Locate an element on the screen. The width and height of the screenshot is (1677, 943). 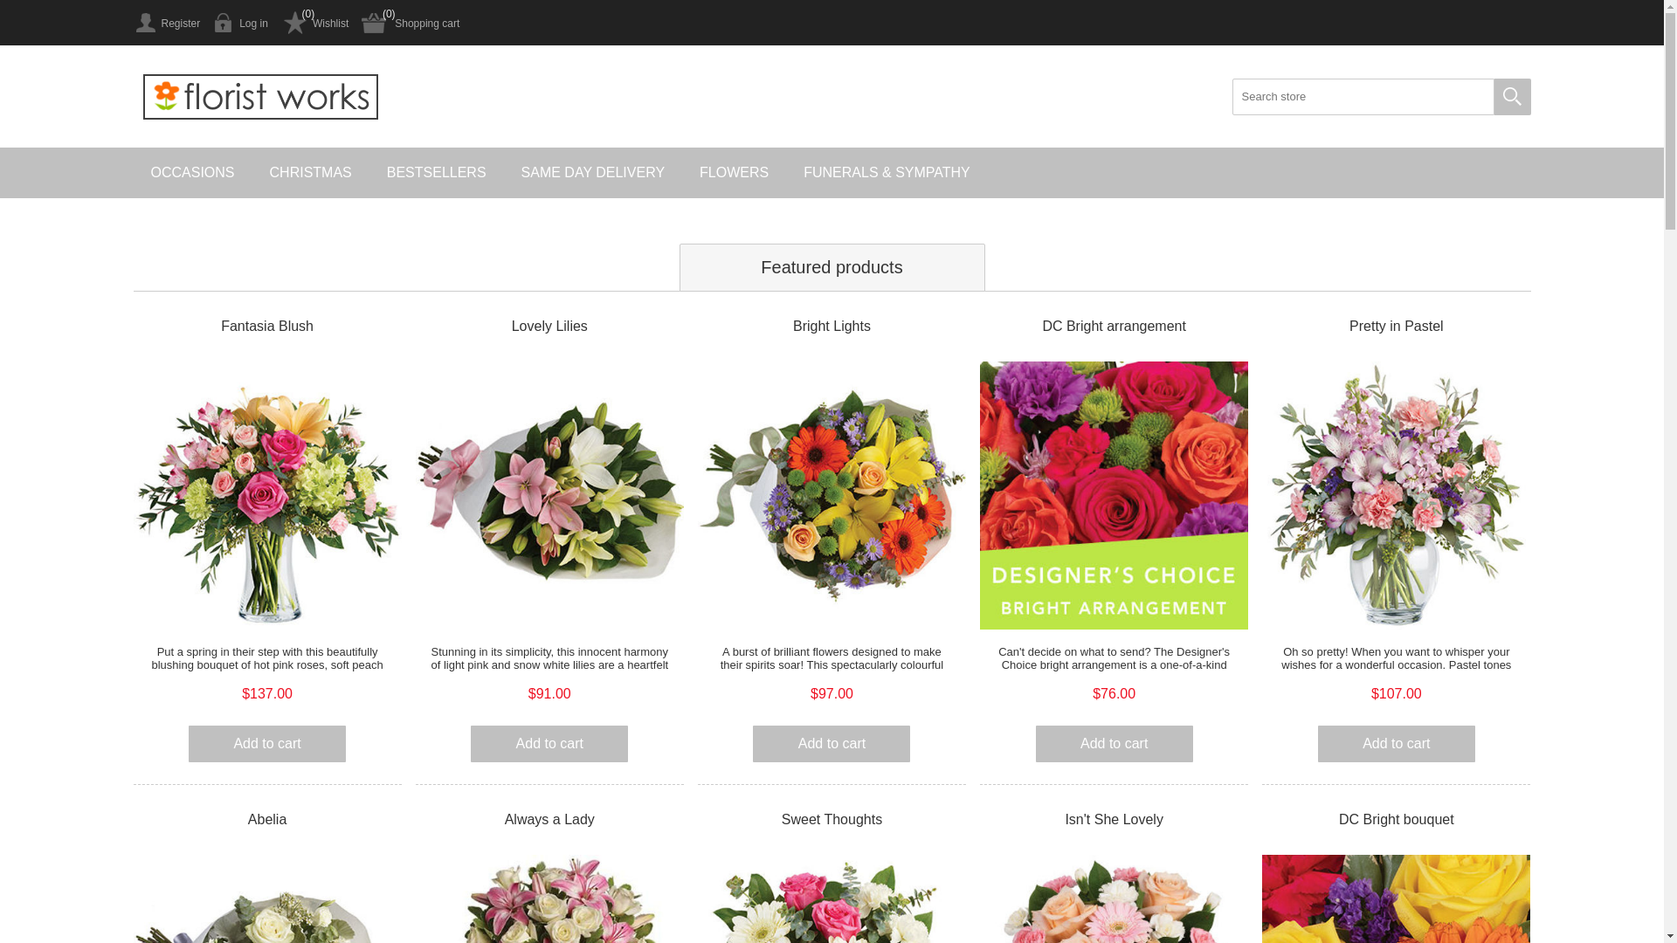
'Show details for Bright Lights' is located at coordinates (831, 495).